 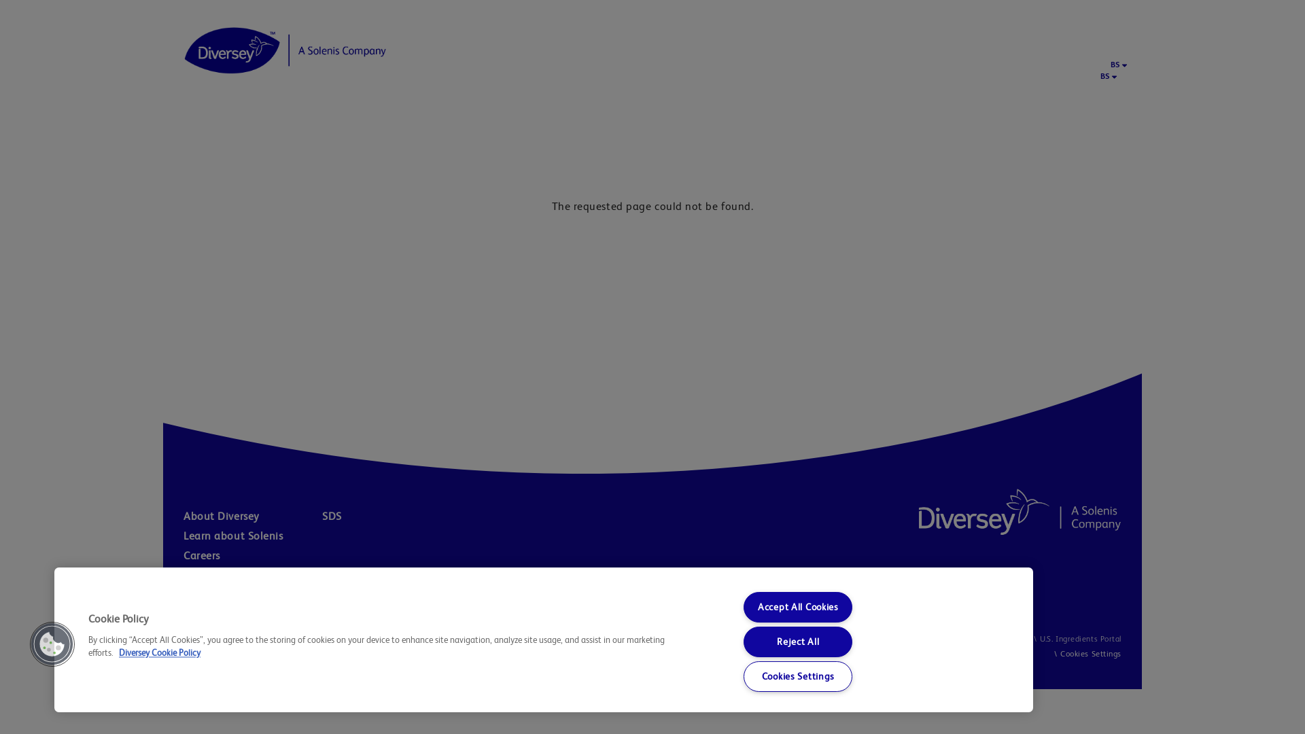 What do you see at coordinates (285, 50) in the screenshot?
I see `'Home'` at bounding box center [285, 50].